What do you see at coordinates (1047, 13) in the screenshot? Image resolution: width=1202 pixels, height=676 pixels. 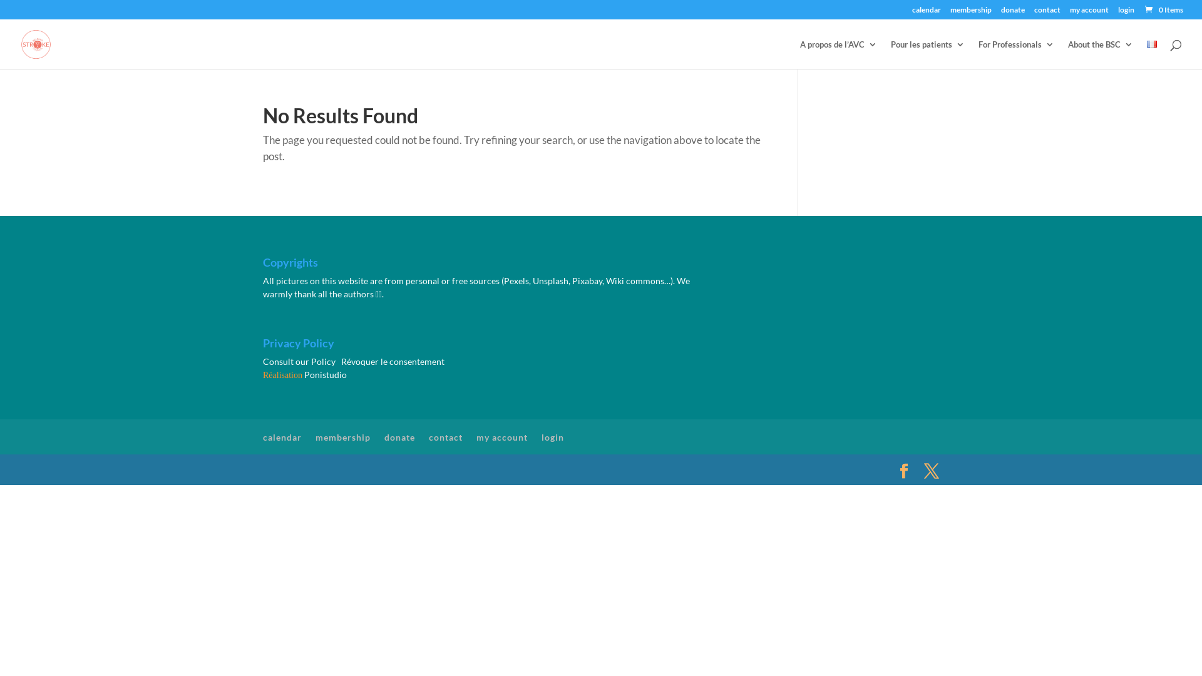 I see `'contact'` at bounding box center [1047, 13].